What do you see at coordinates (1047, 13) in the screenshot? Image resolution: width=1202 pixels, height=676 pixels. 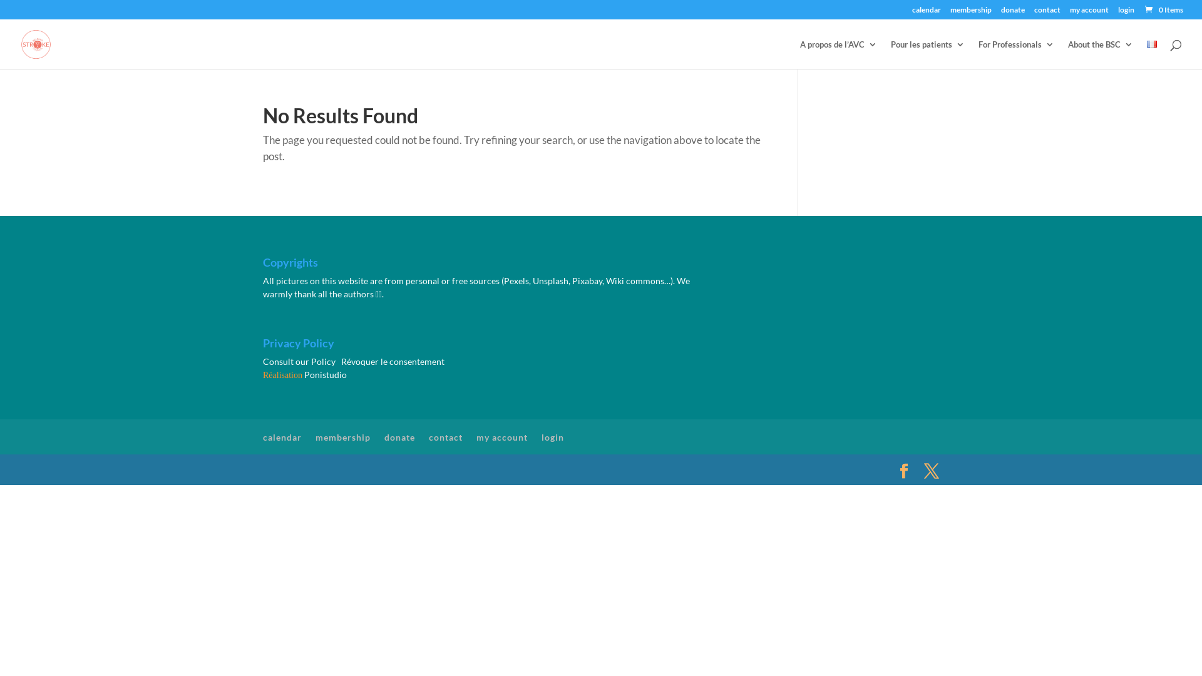 I see `'contact'` at bounding box center [1047, 13].